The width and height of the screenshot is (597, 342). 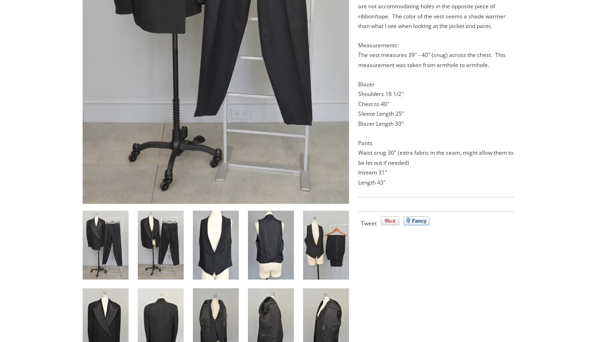 What do you see at coordinates (358, 113) in the screenshot?
I see `'Sleeve Length 25"'` at bounding box center [358, 113].